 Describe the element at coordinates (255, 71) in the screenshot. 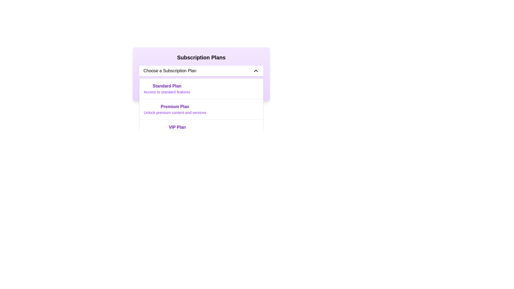

I see `the chevron icon on the far right side of the 'Choose a Subscription Plan' dropdown` at that location.